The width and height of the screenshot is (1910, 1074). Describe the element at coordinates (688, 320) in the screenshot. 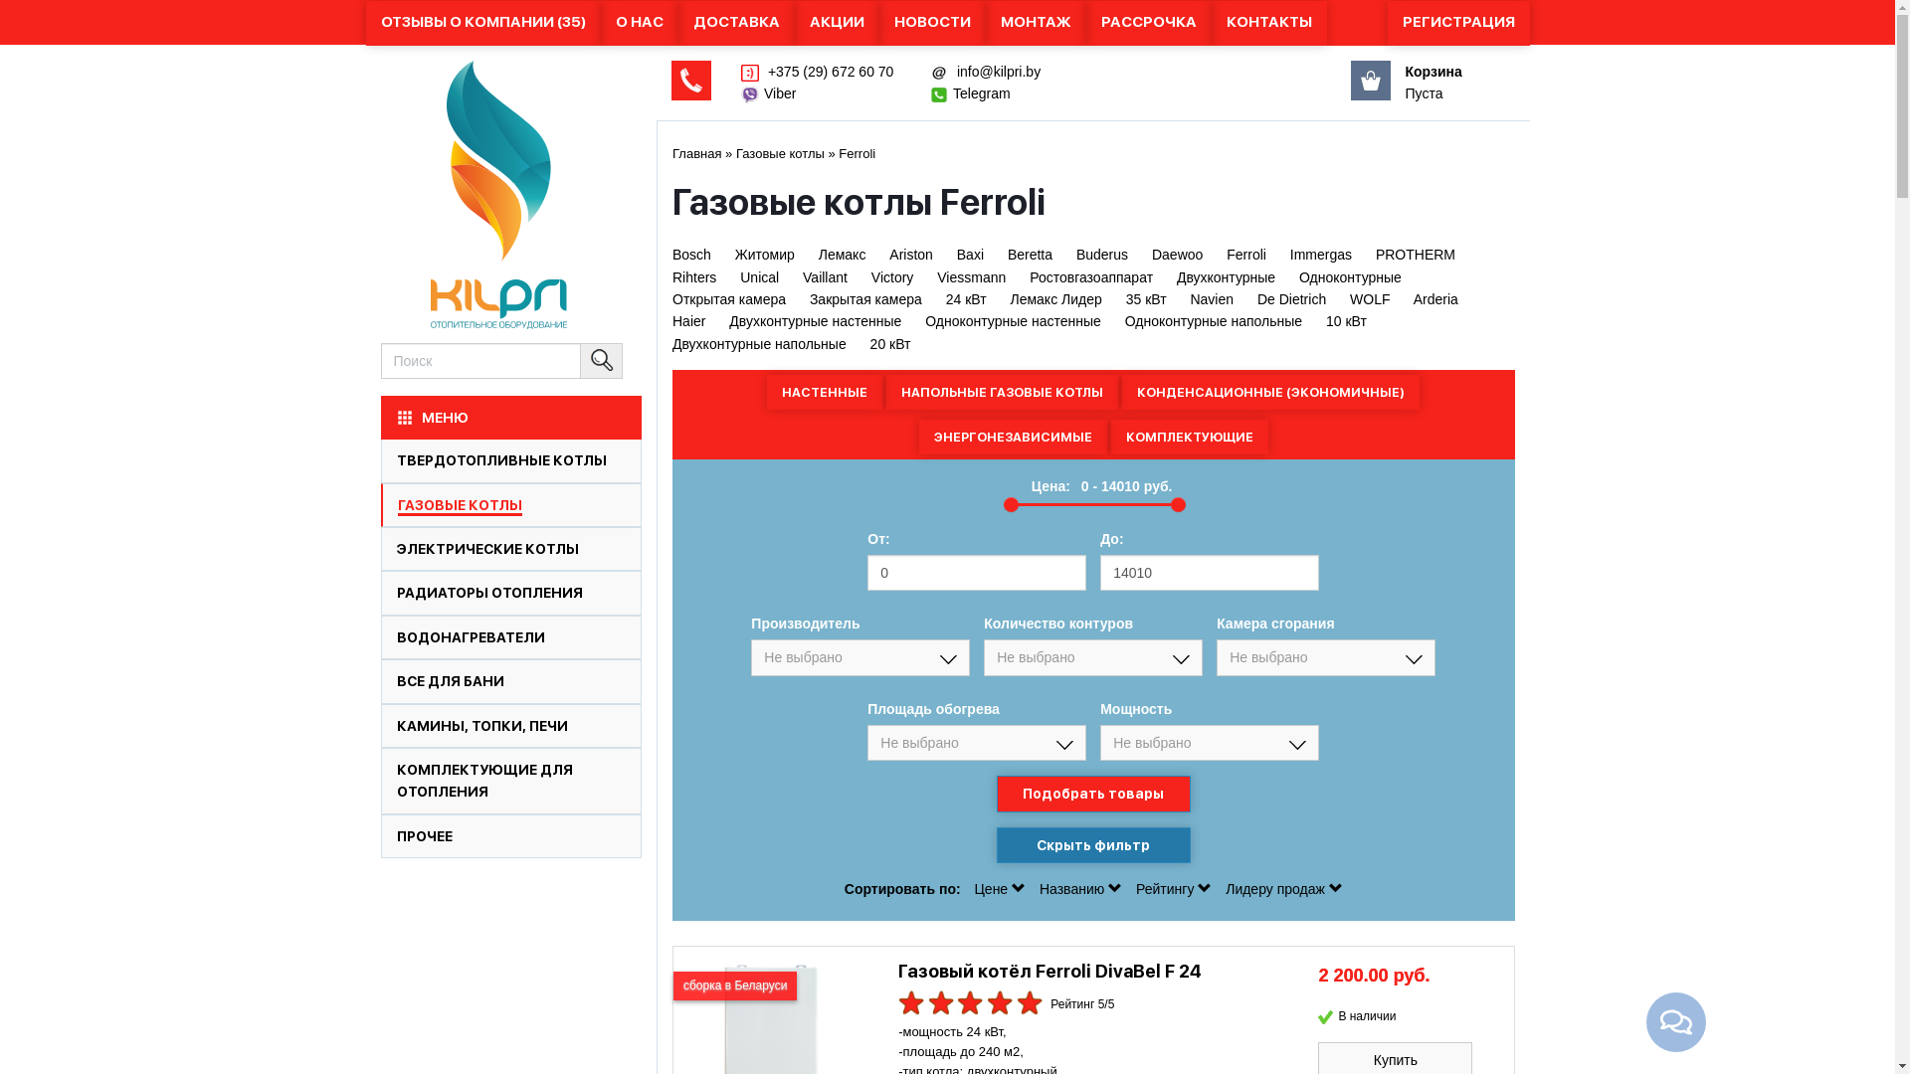

I see `'Haier'` at that location.